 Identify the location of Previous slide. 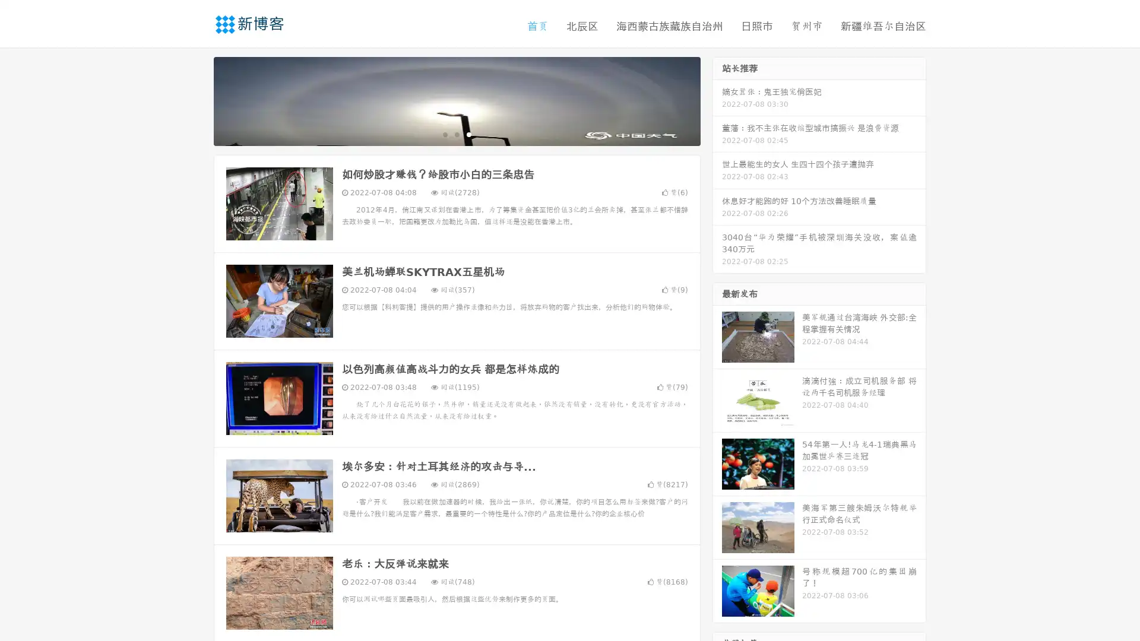
(196, 100).